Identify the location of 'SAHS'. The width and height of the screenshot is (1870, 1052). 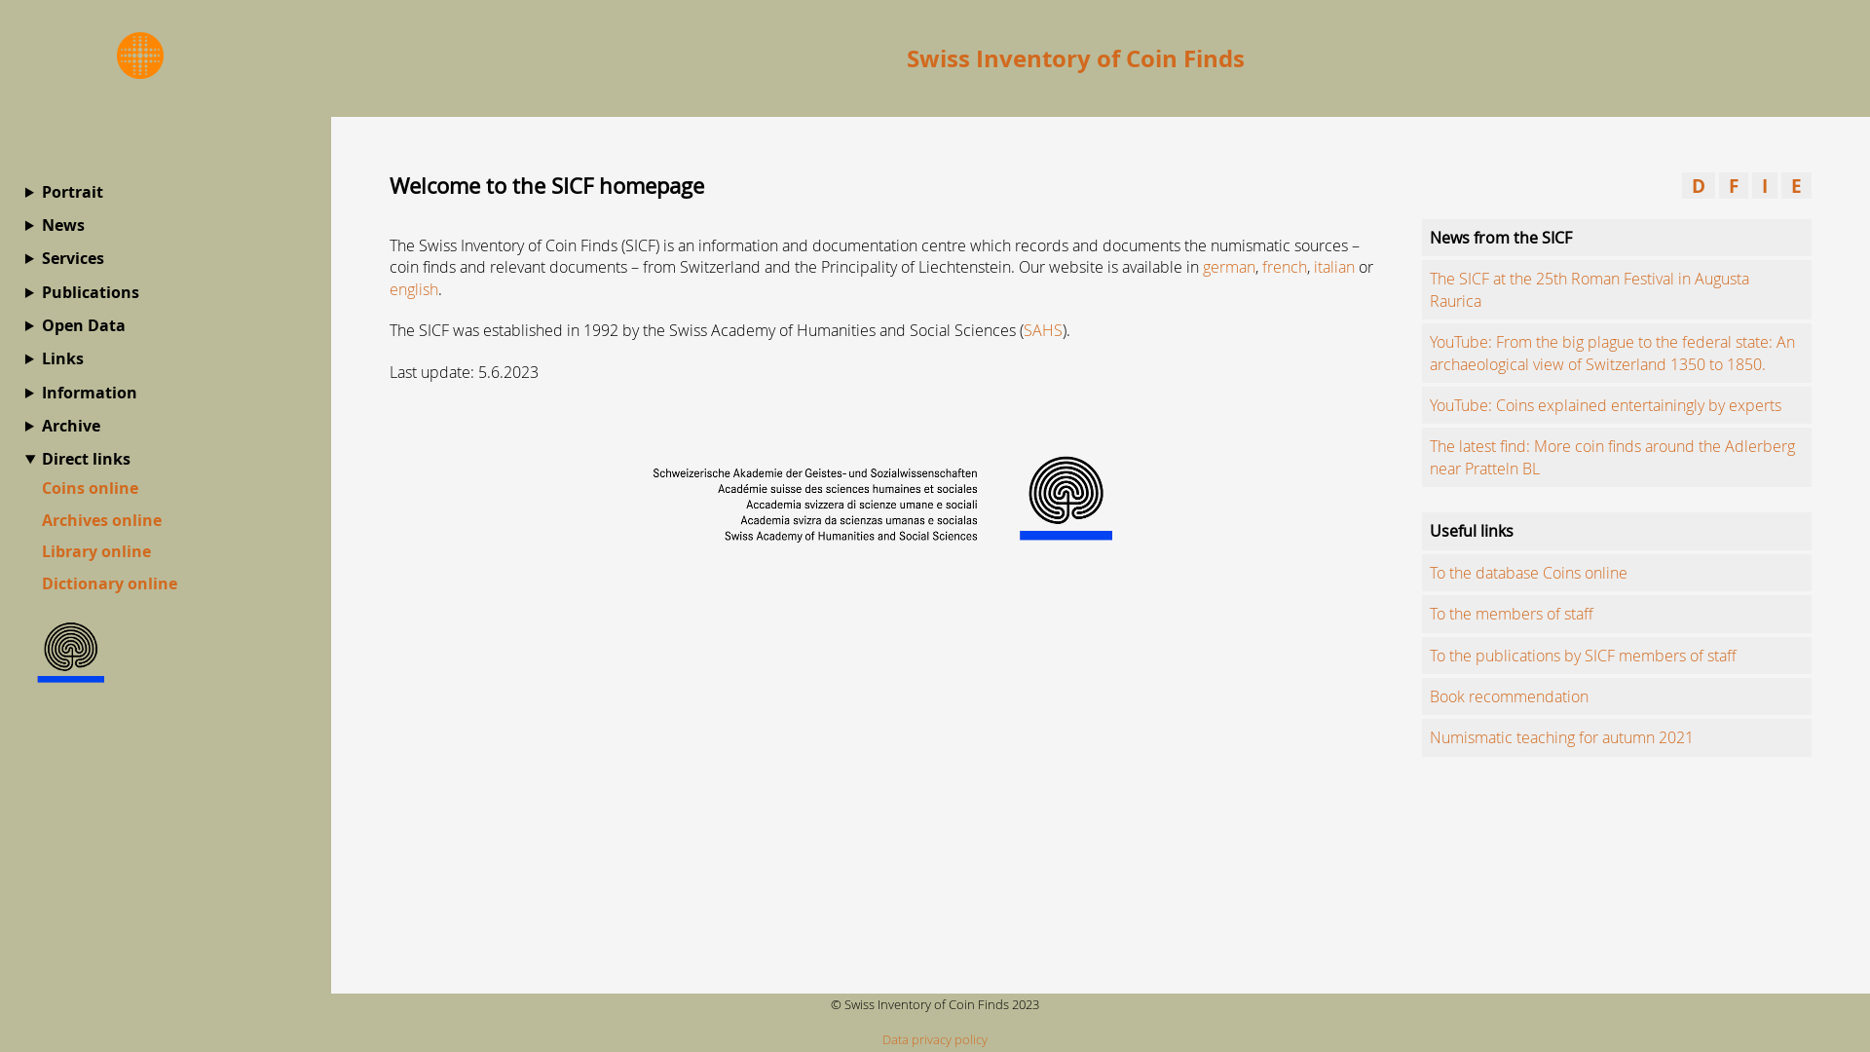
(1041, 329).